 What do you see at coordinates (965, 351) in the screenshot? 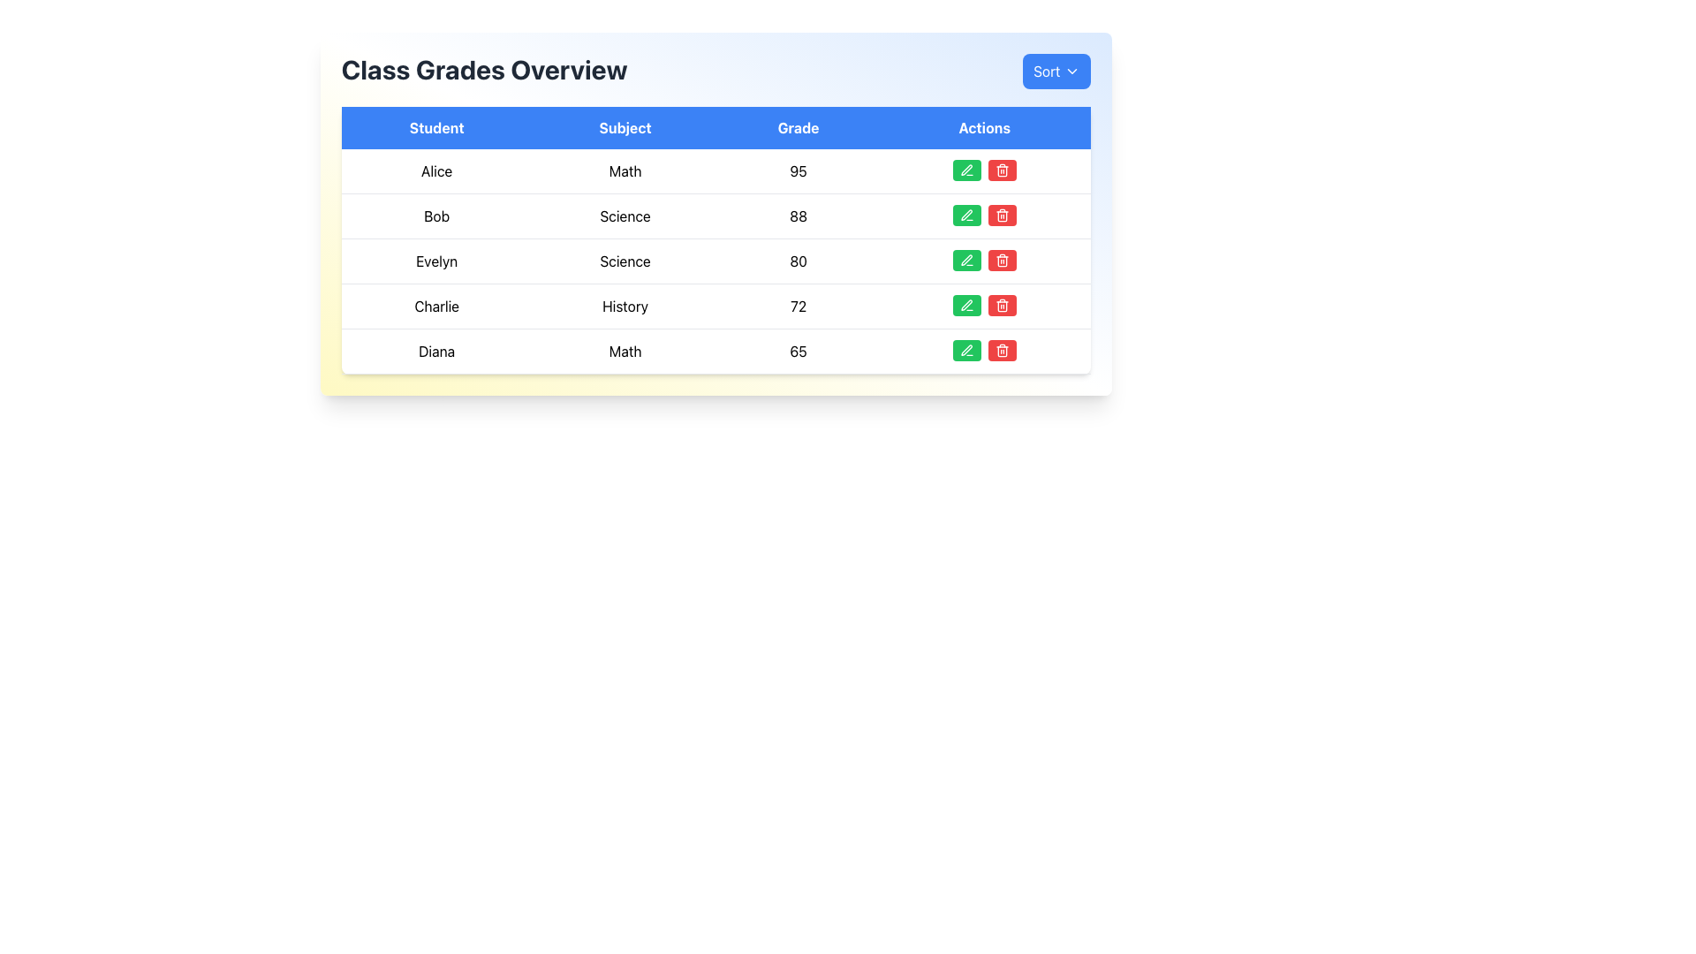
I see `the green edit button with a pen icon located in the 'Actions' column for the student 'Diana' to initiate edit mode for the row` at bounding box center [965, 351].